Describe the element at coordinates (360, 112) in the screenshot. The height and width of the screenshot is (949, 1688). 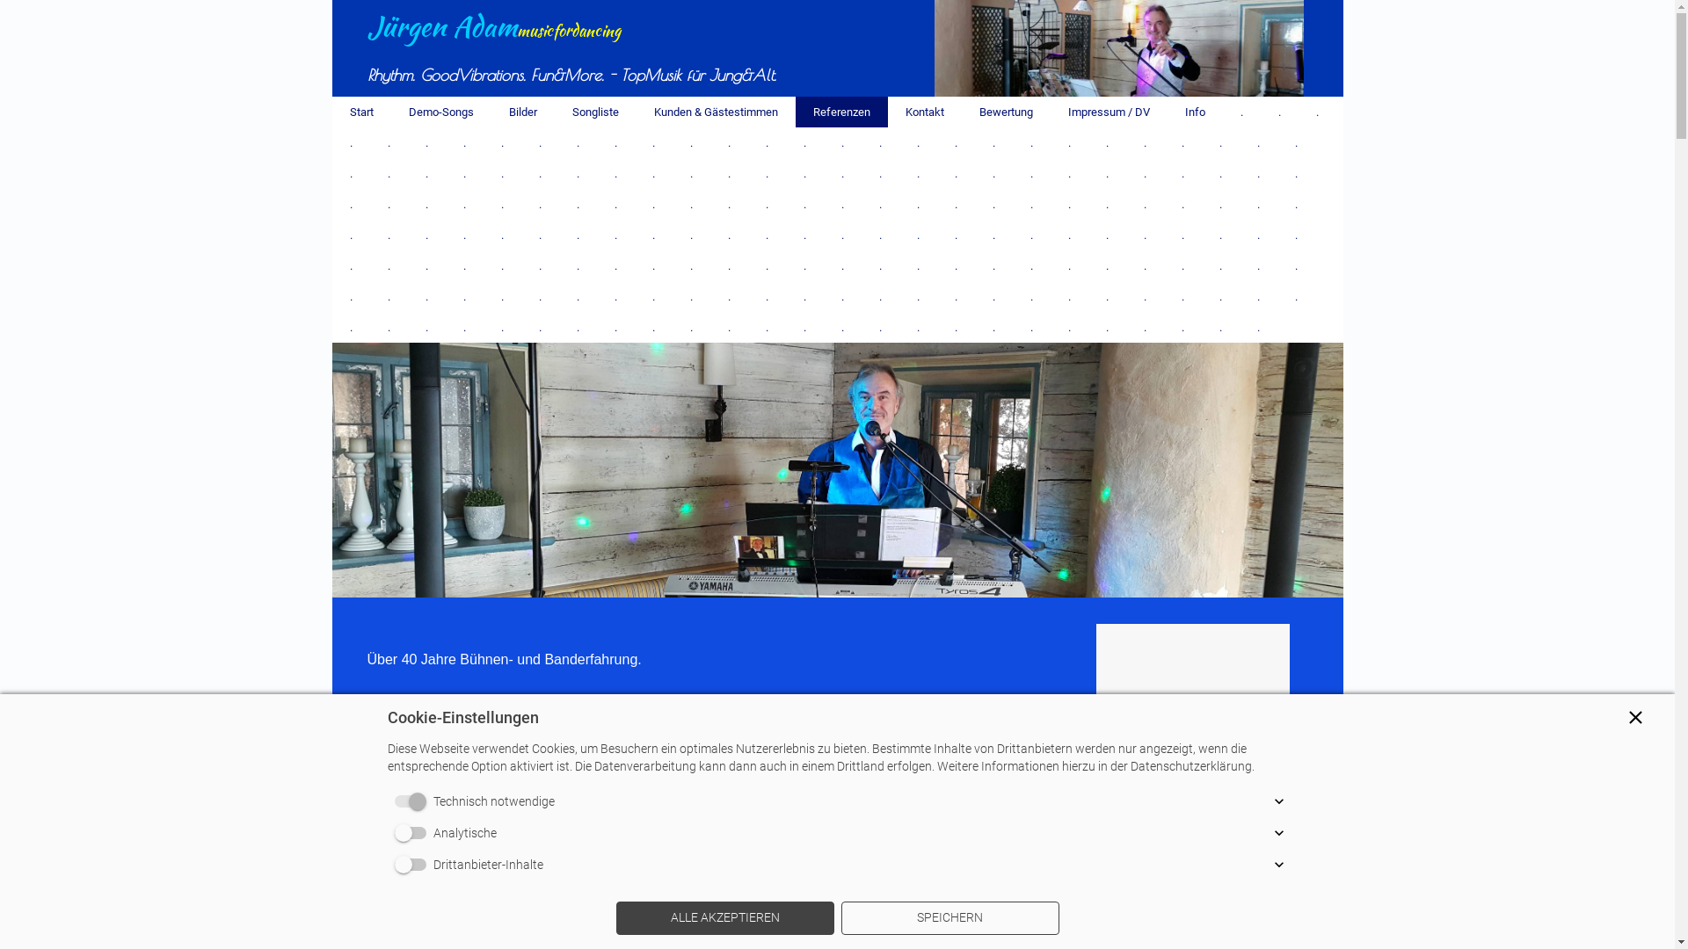
I see `'Start'` at that location.